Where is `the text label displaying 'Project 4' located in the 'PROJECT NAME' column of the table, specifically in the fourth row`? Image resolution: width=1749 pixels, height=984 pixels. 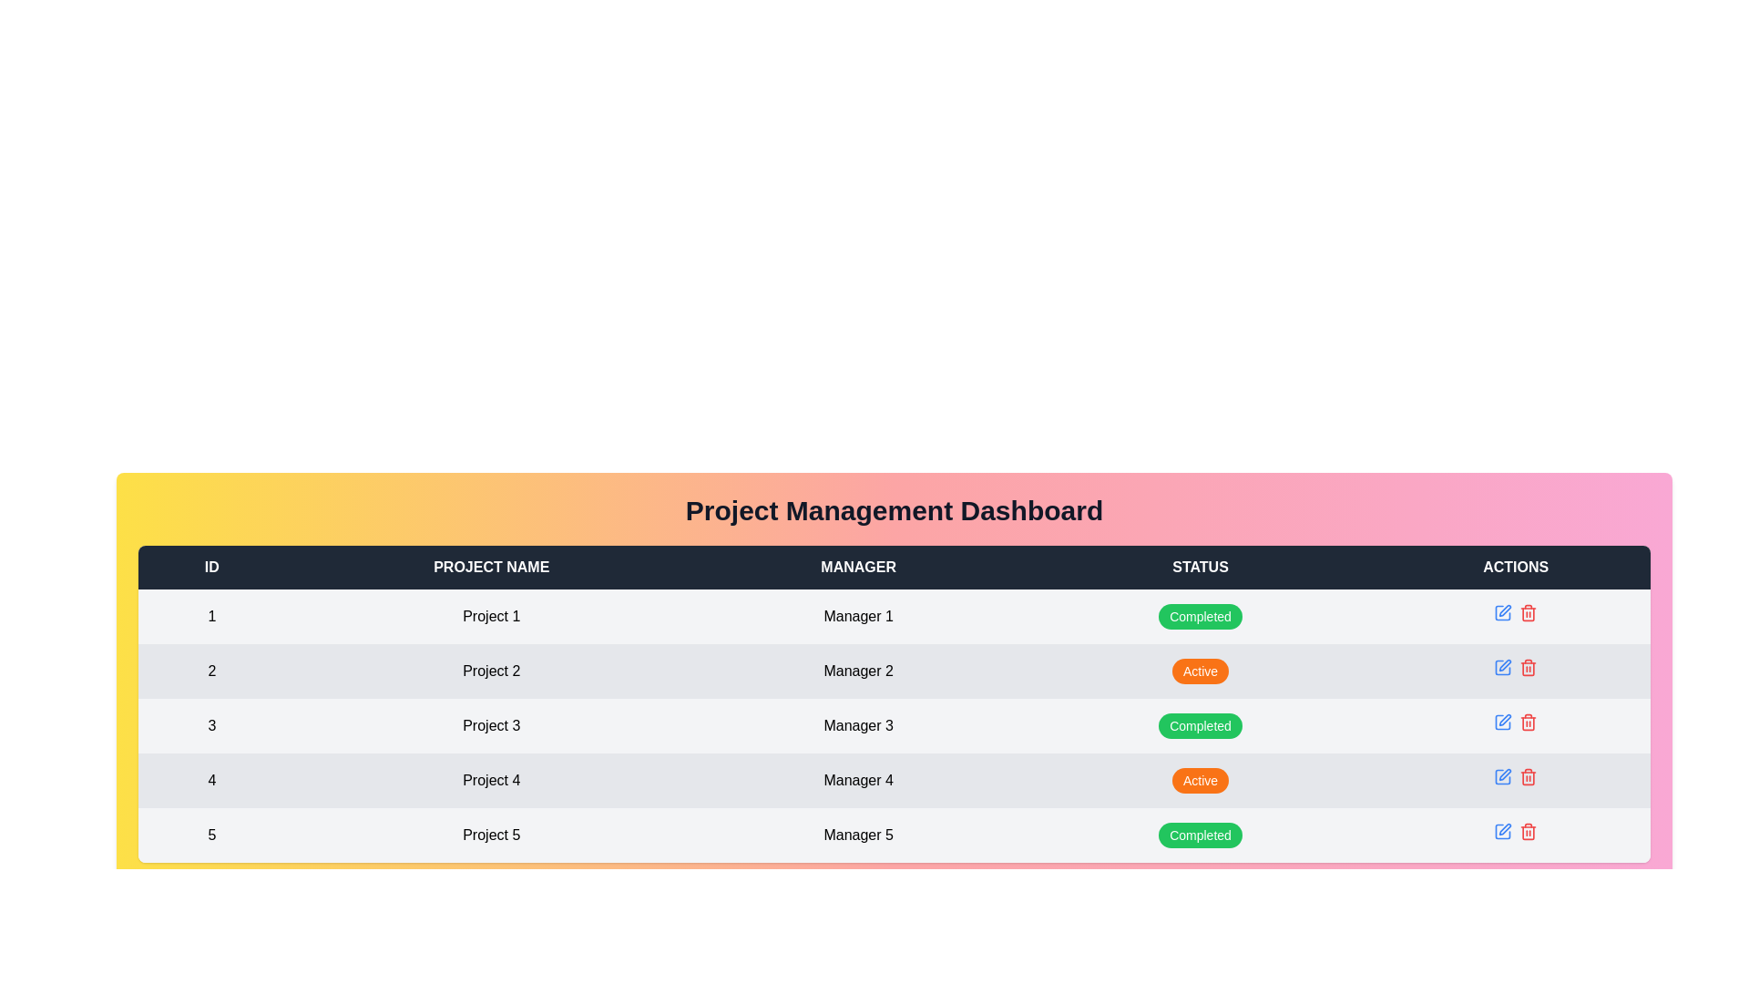
the text label displaying 'Project 4' located in the 'PROJECT NAME' column of the table, specifically in the fourth row is located at coordinates (491, 779).